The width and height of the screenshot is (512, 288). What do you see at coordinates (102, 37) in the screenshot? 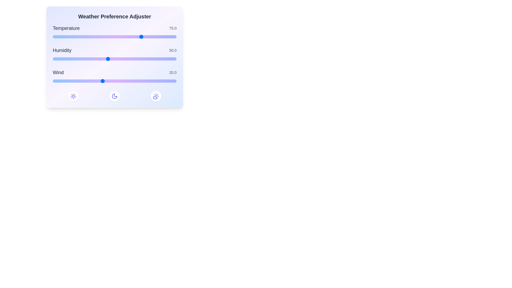
I see `the temperature` at bounding box center [102, 37].